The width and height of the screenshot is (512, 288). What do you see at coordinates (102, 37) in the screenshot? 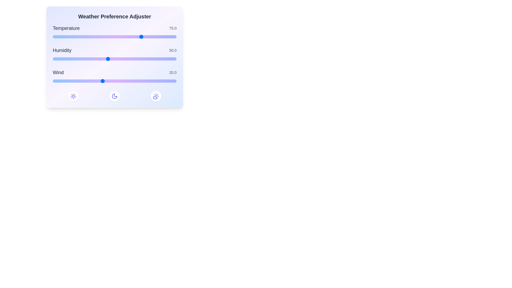
I see `the temperature` at bounding box center [102, 37].